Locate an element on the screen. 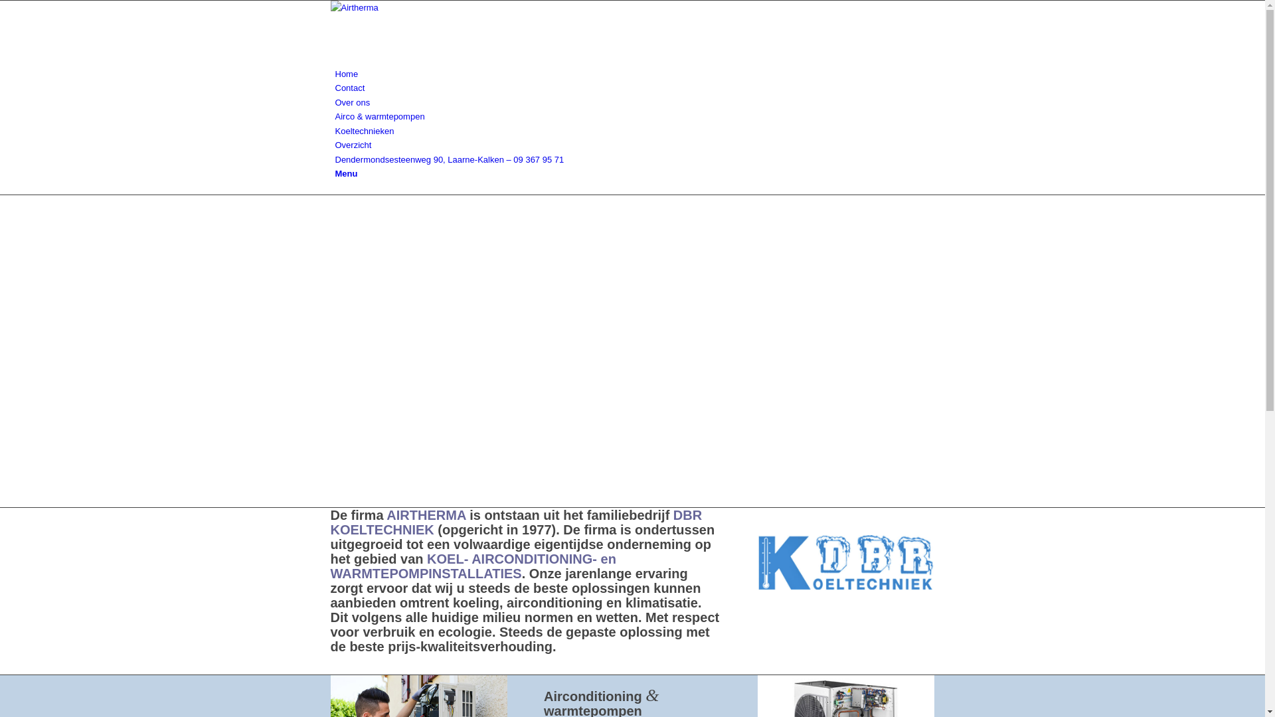  'Airco & warmtepompen' is located at coordinates (379, 116).